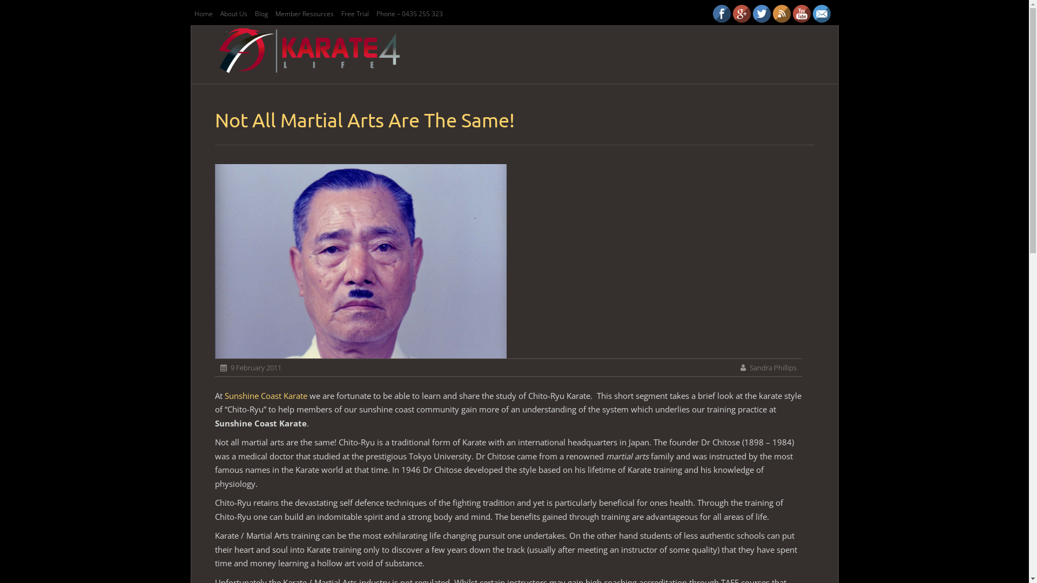 The width and height of the screenshot is (1037, 583). I want to click on 'Member Resources', so click(303, 13).